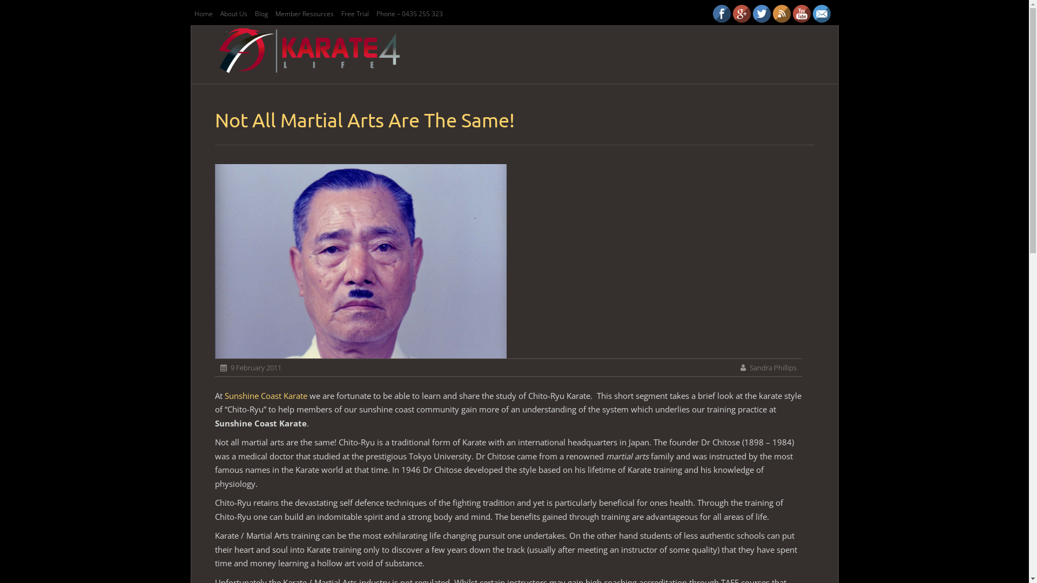 The width and height of the screenshot is (1037, 583). I want to click on 'Member Resources', so click(303, 13).